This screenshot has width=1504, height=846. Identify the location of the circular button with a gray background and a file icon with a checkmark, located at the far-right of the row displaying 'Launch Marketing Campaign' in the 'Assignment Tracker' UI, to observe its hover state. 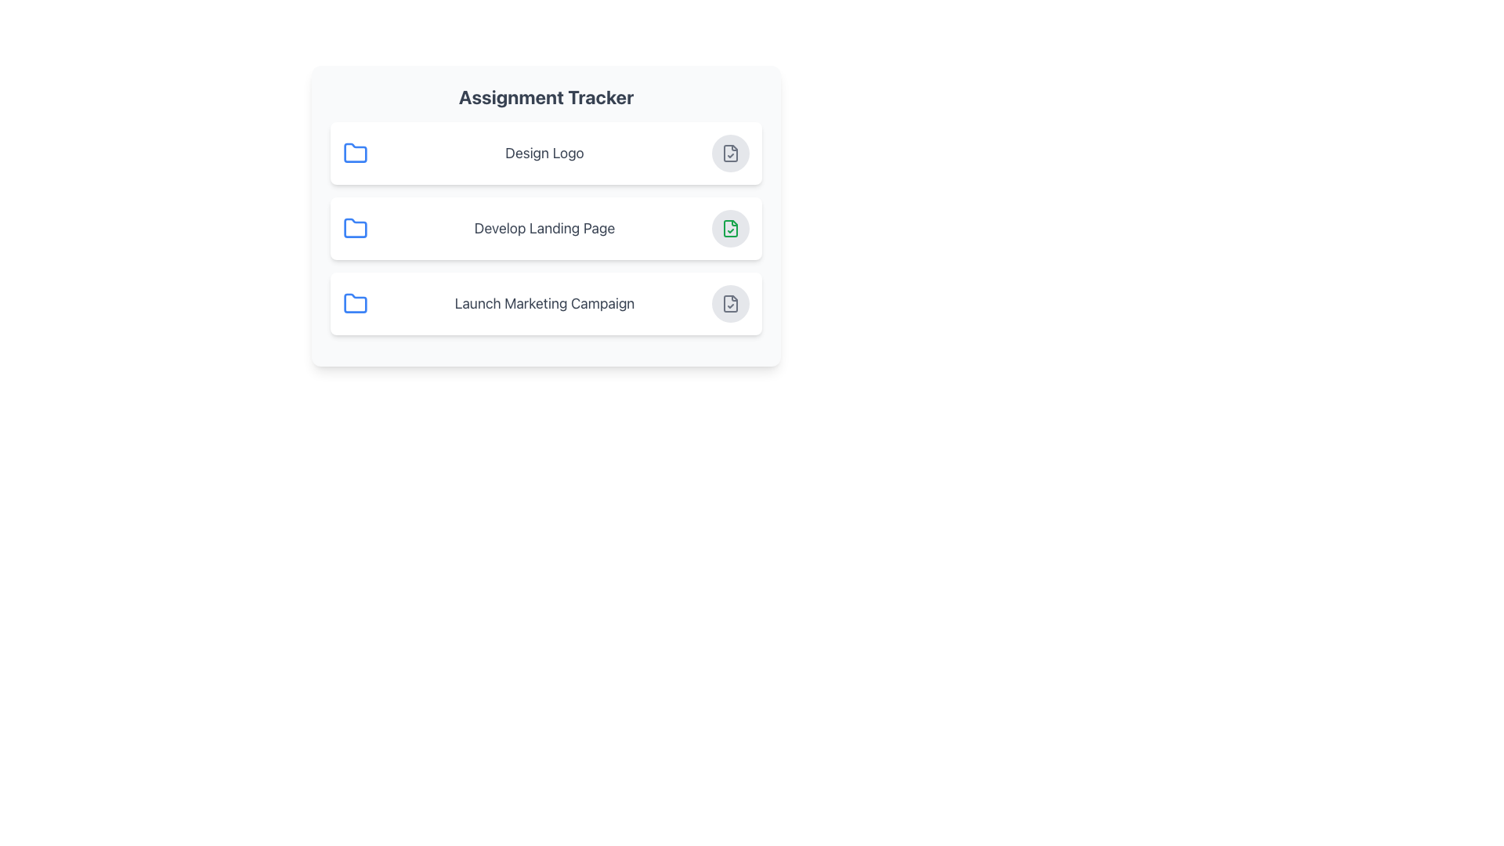
(729, 304).